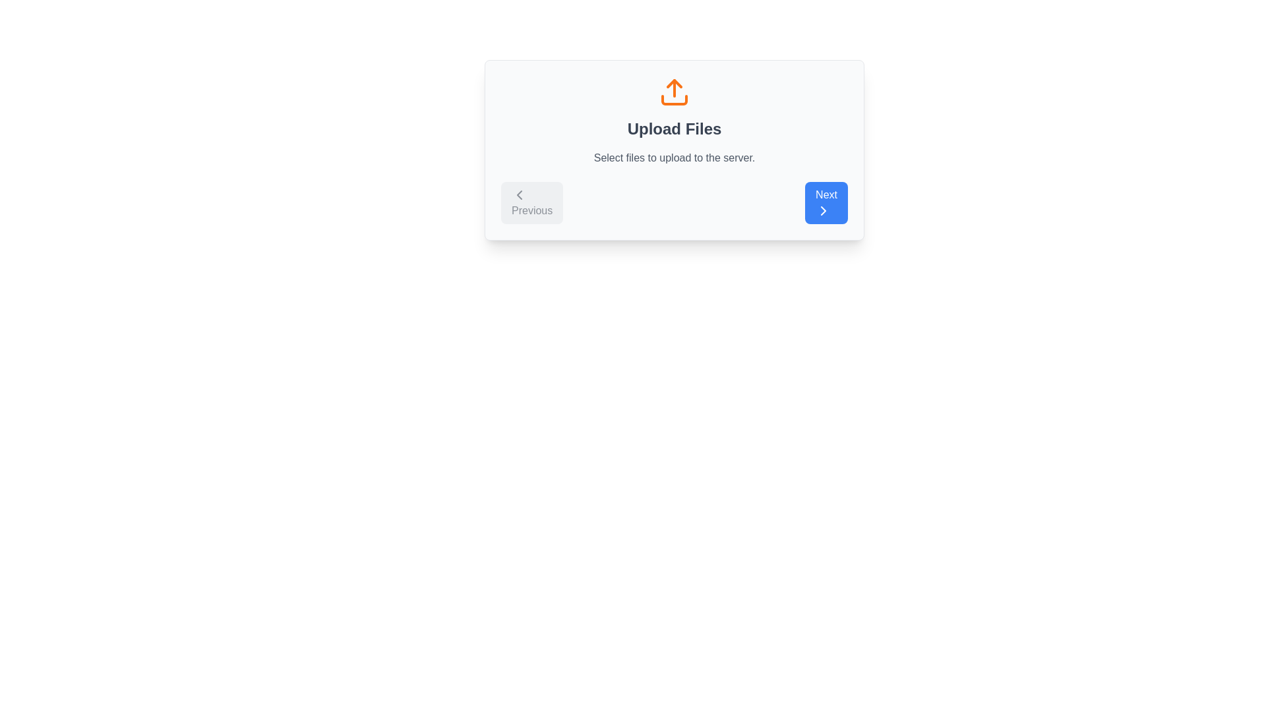 The height and width of the screenshot is (712, 1266). Describe the element at coordinates (518, 195) in the screenshot. I see `the SVG icon representing the 'go to the previous step' action located within the 'Previous' button by` at that location.